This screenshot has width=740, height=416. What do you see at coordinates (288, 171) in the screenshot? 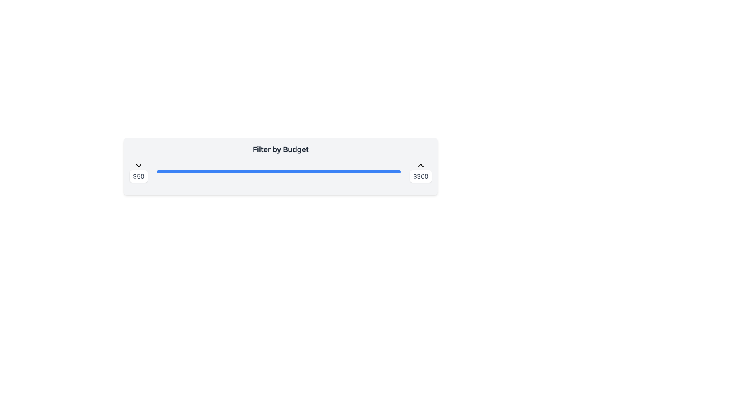
I see `the value of the slider` at bounding box center [288, 171].